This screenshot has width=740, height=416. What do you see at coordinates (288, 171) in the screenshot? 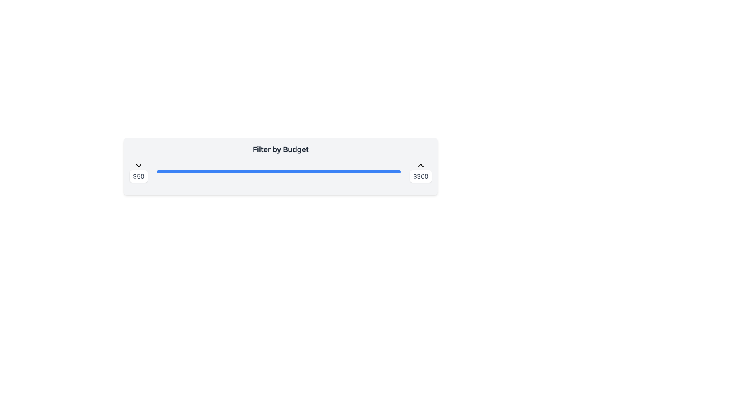
I see `the value of the slider` at bounding box center [288, 171].